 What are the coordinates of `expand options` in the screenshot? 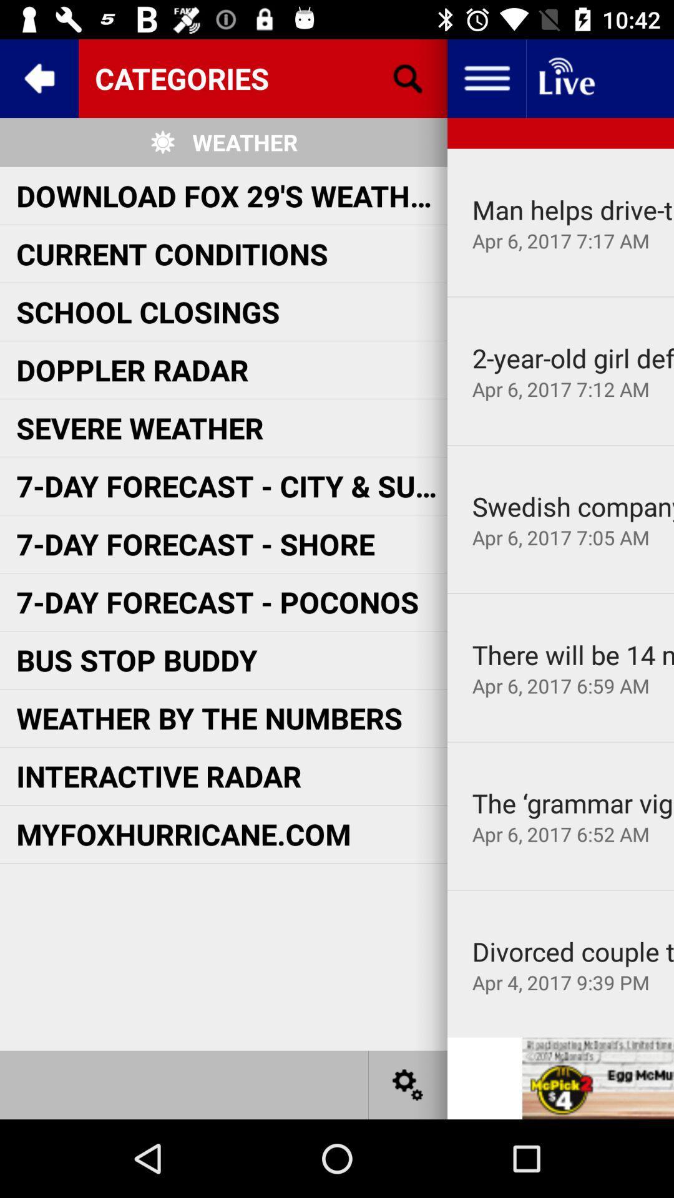 It's located at (486, 77).